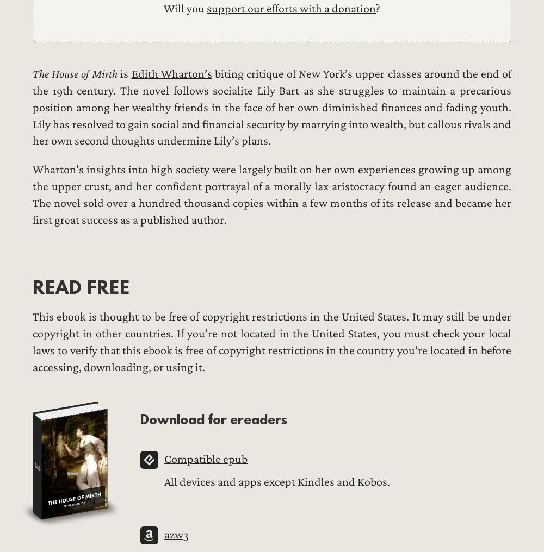 This screenshot has height=552, width=544. What do you see at coordinates (378, 8) in the screenshot?
I see `'?'` at bounding box center [378, 8].